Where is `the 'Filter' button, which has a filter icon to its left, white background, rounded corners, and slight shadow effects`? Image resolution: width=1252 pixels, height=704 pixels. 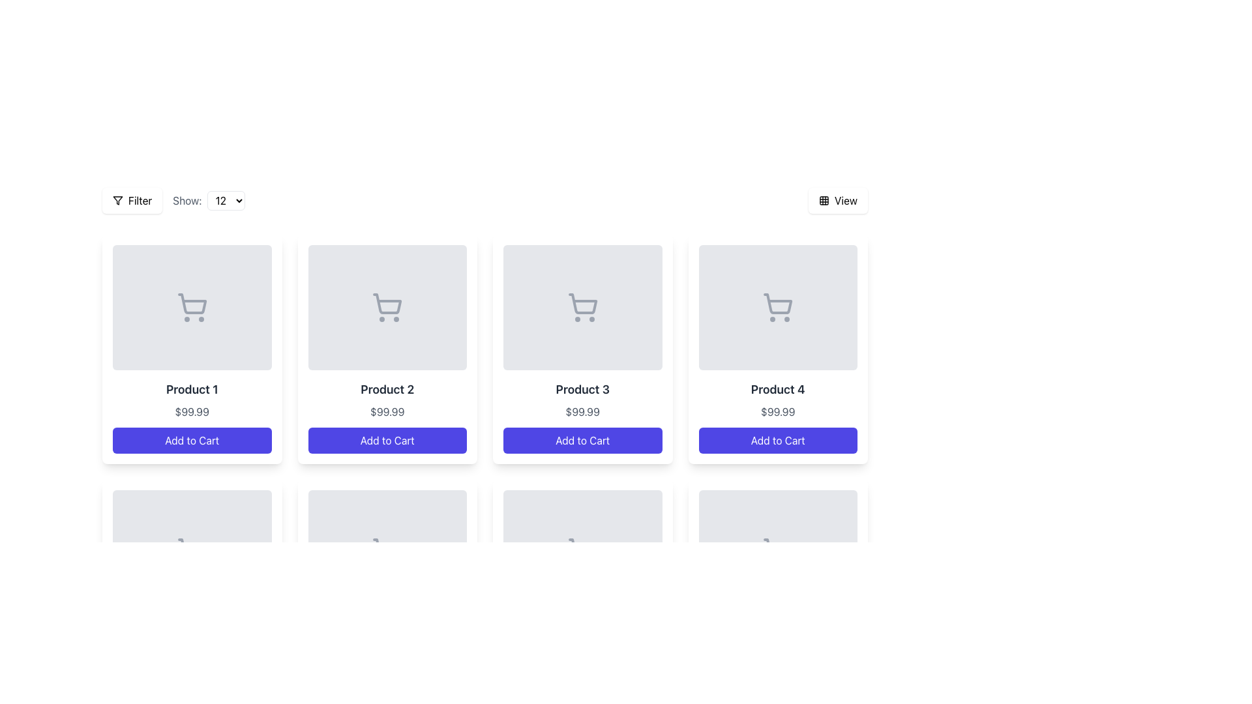
the 'Filter' button, which has a filter icon to its left, white background, rounded corners, and slight shadow effects is located at coordinates (132, 201).